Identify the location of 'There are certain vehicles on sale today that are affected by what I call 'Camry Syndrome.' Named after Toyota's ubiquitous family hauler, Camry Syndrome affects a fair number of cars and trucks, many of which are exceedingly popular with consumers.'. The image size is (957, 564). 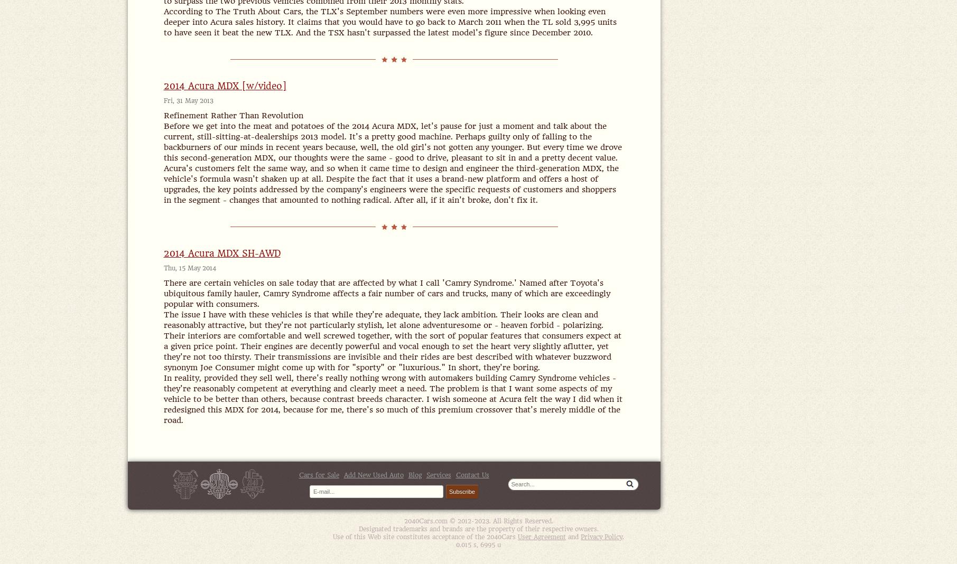
(386, 293).